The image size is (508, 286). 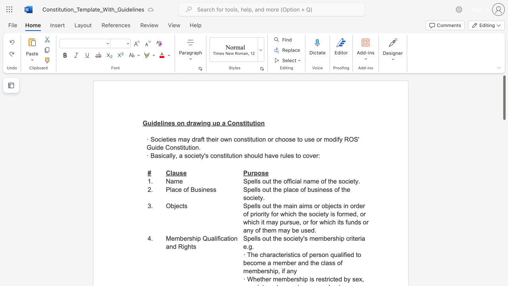 I want to click on the scrollbar on the right side to scroll the page down, so click(x=504, y=250).